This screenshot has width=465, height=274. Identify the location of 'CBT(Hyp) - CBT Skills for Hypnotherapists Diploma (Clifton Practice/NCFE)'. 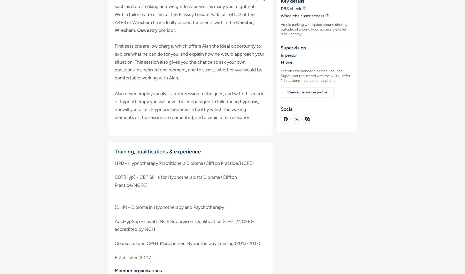
(175, 181).